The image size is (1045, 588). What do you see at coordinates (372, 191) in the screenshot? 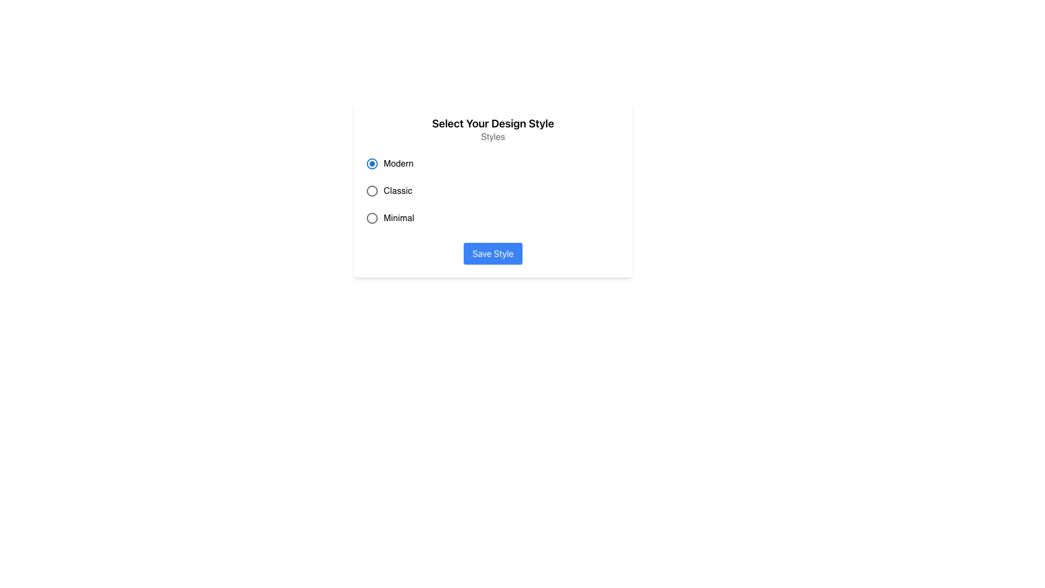
I see `the second radio button indicating the 'Classic' design style` at bounding box center [372, 191].